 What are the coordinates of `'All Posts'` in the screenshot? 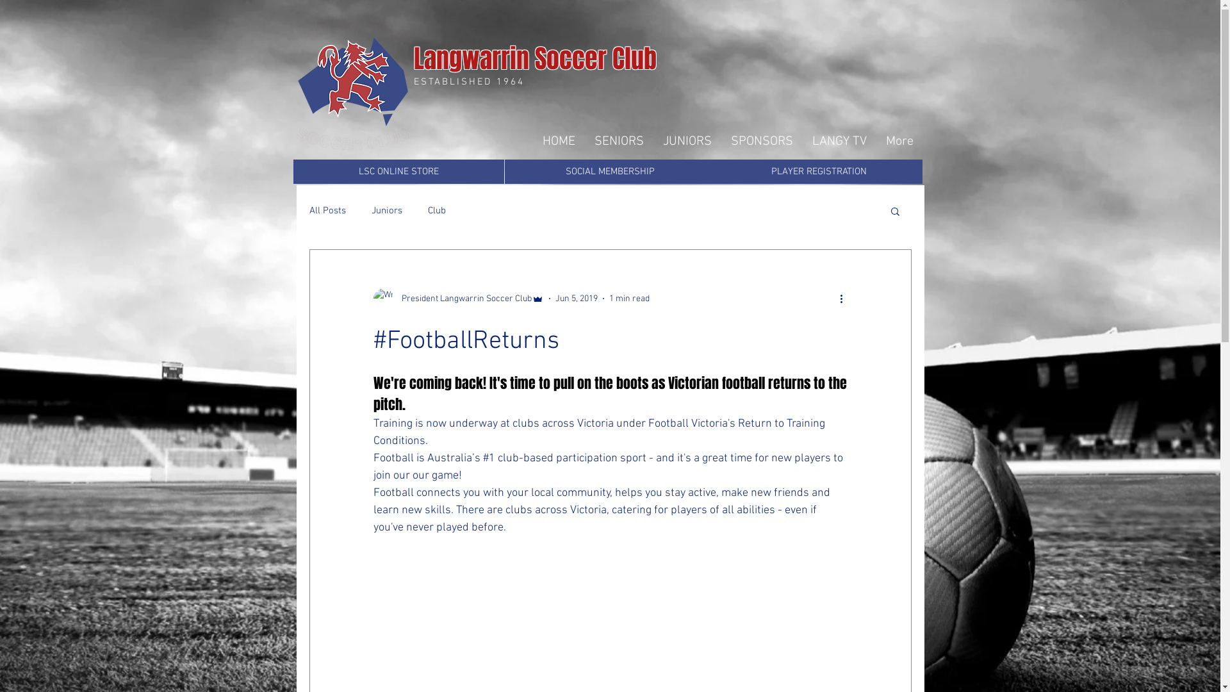 It's located at (327, 210).